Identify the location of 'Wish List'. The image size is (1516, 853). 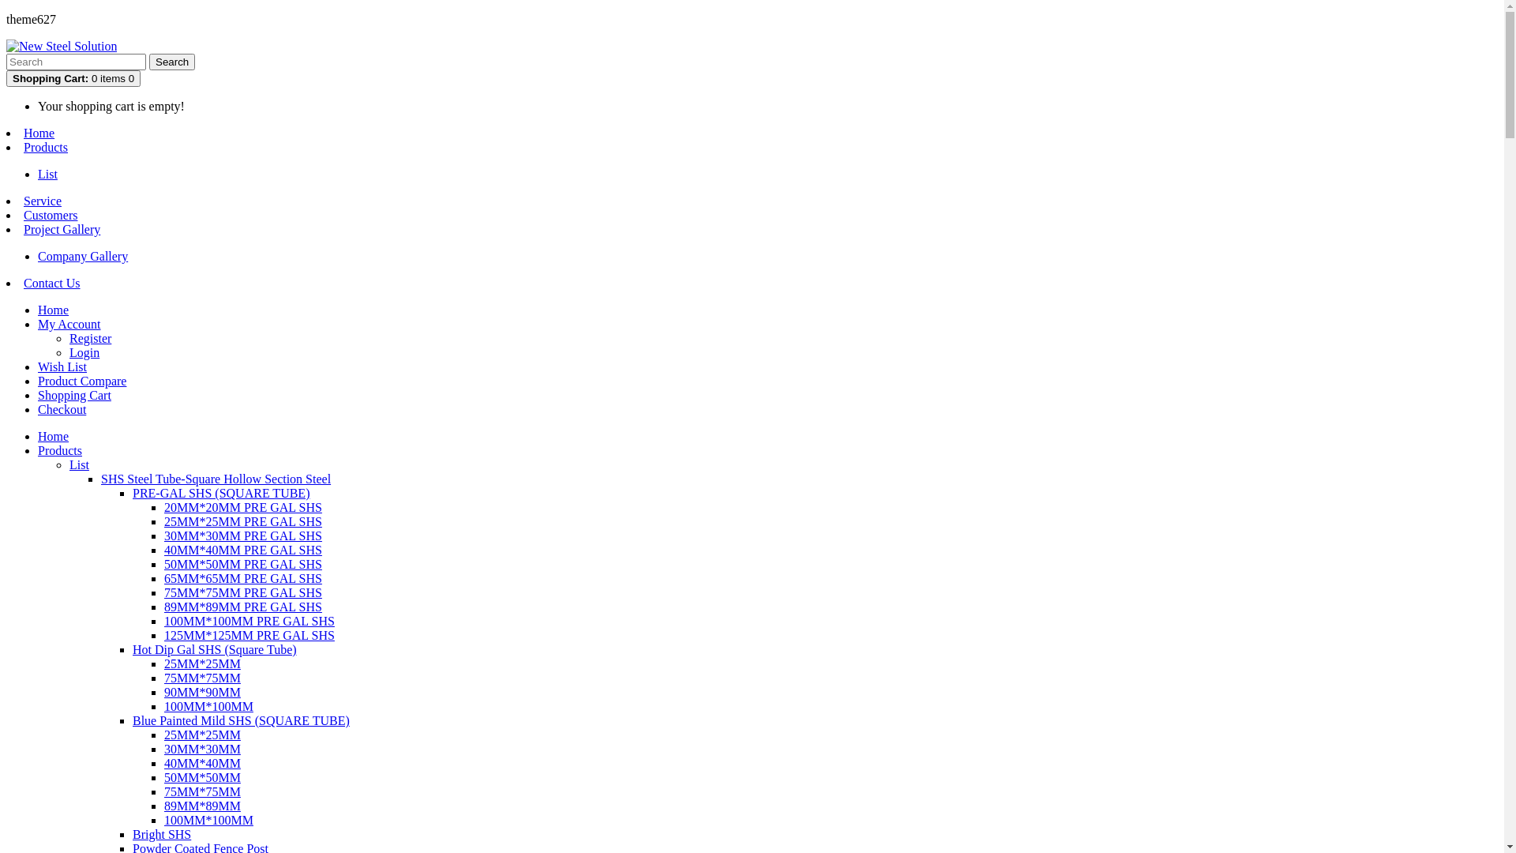
(62, 366).